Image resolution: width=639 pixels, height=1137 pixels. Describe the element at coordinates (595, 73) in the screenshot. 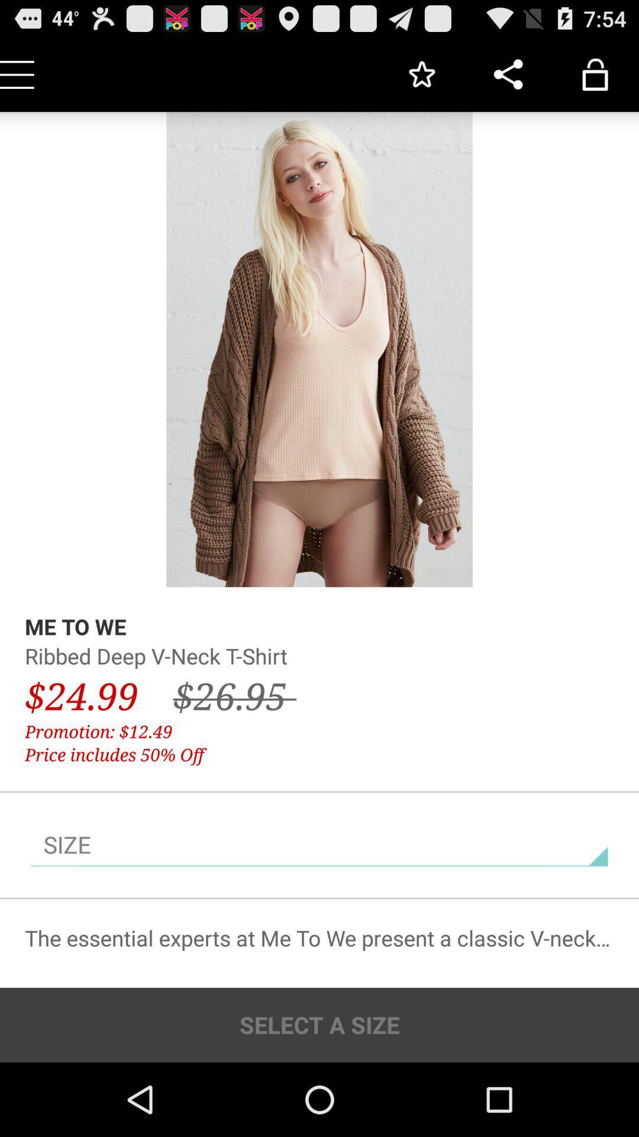

I see `the lock symbol which is on top left` at that location.